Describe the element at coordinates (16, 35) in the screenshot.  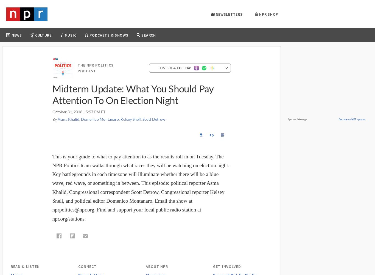
I see `'News'` at that location.